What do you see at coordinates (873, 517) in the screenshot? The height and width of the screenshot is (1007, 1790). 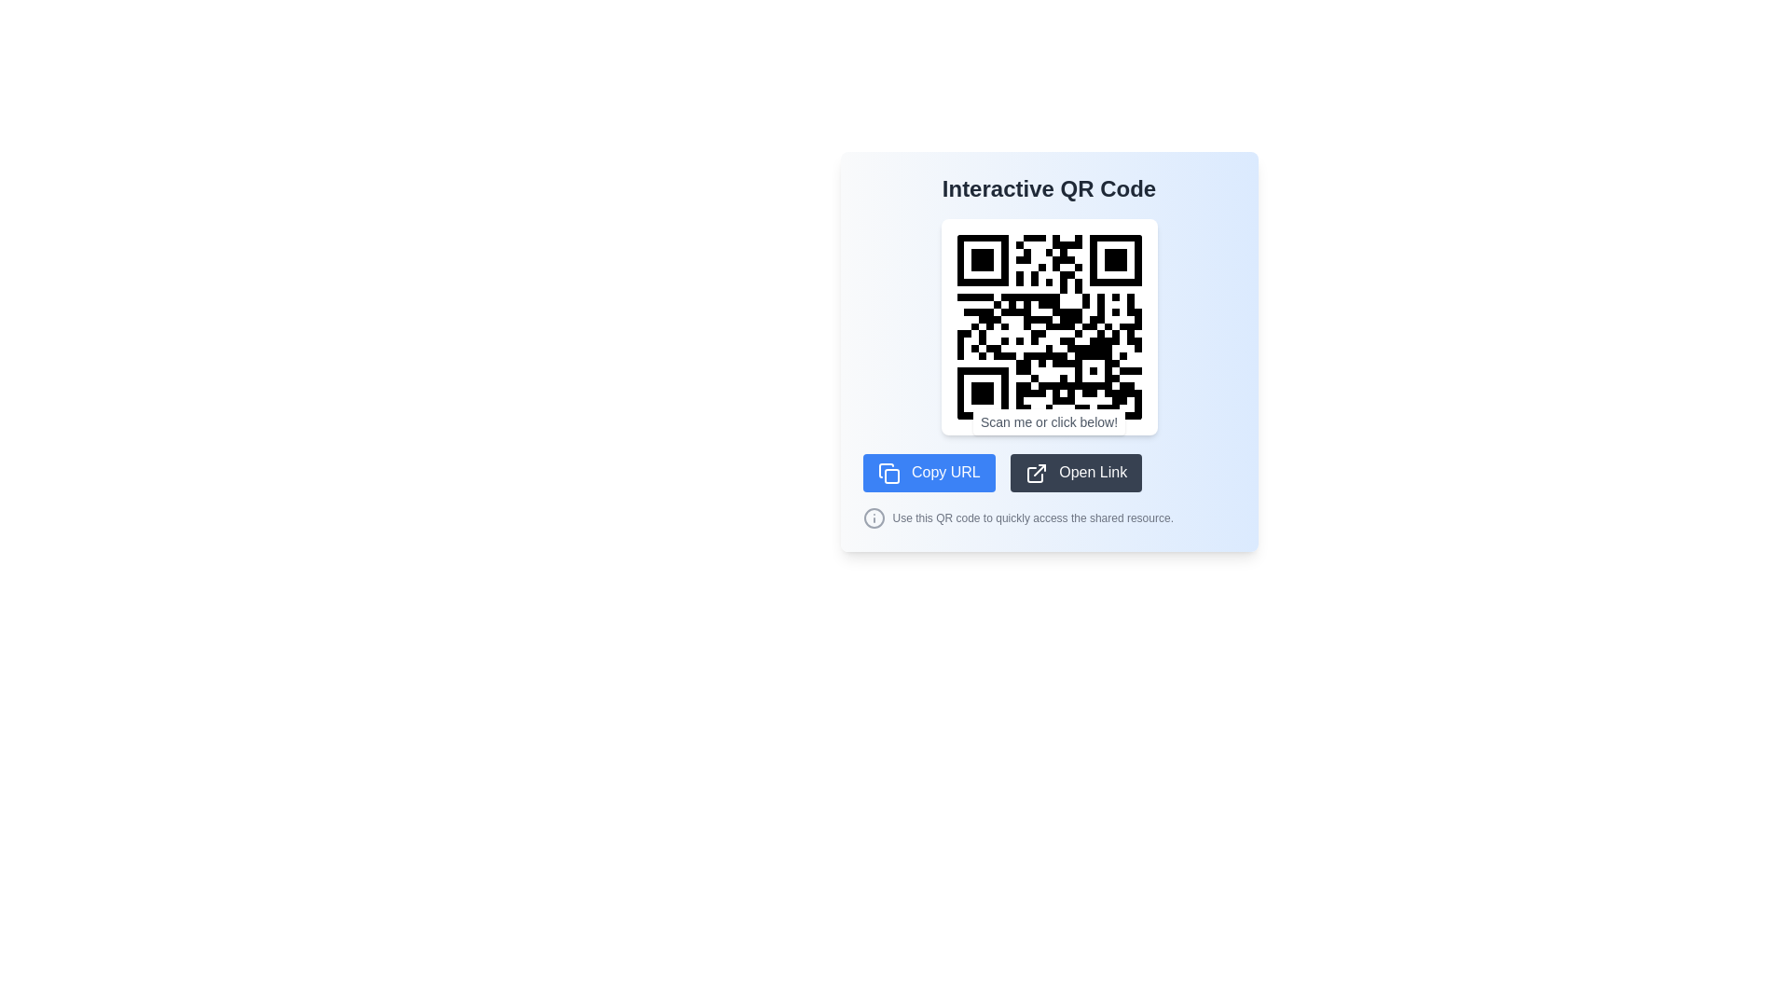 I see `the circular SVG element that is part of an SVG icon, characterized by smooth edges and a consistent radius` at bounding box center [873, 517].